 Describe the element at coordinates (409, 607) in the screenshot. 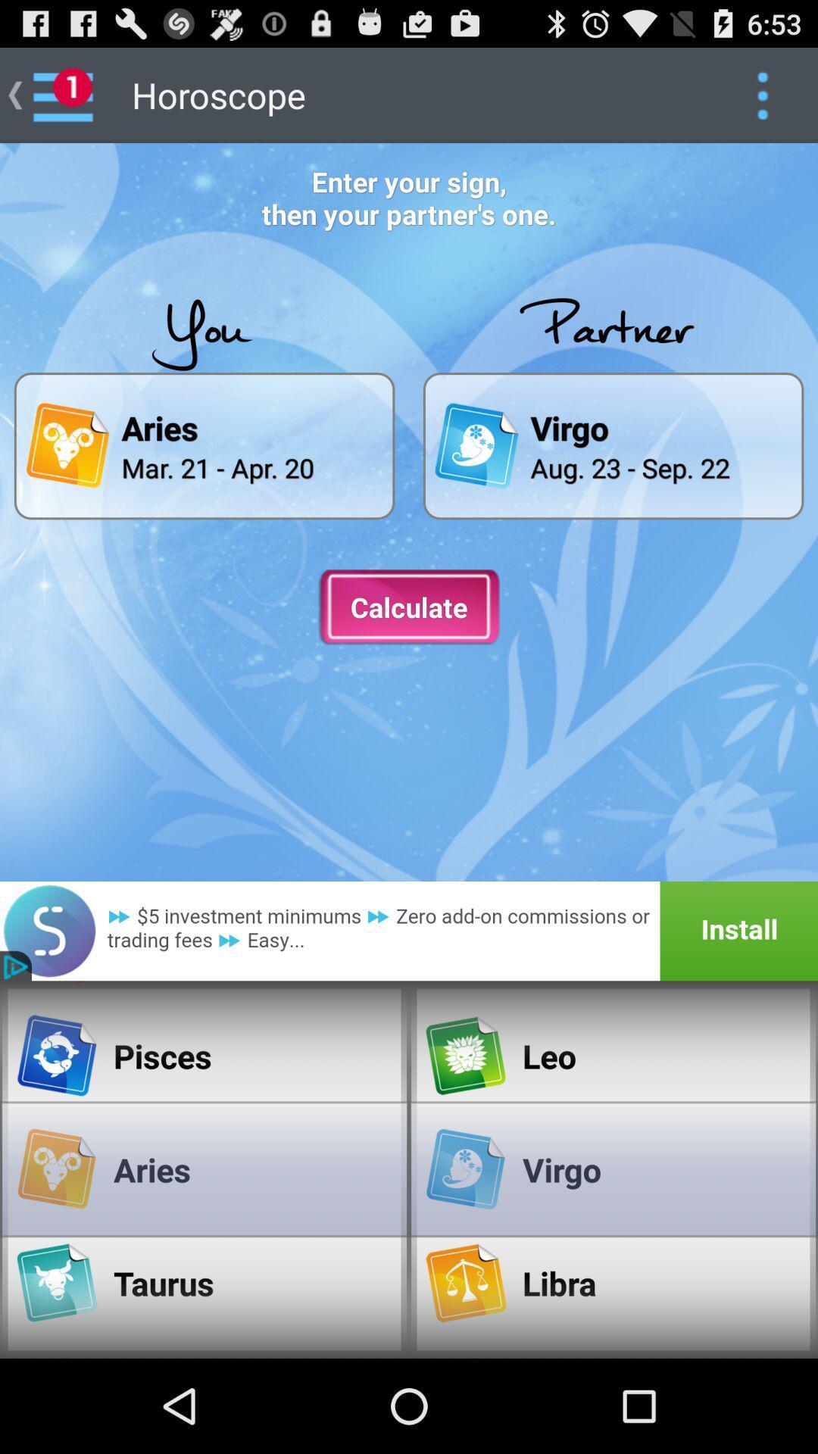

I see `calculate` at that location.